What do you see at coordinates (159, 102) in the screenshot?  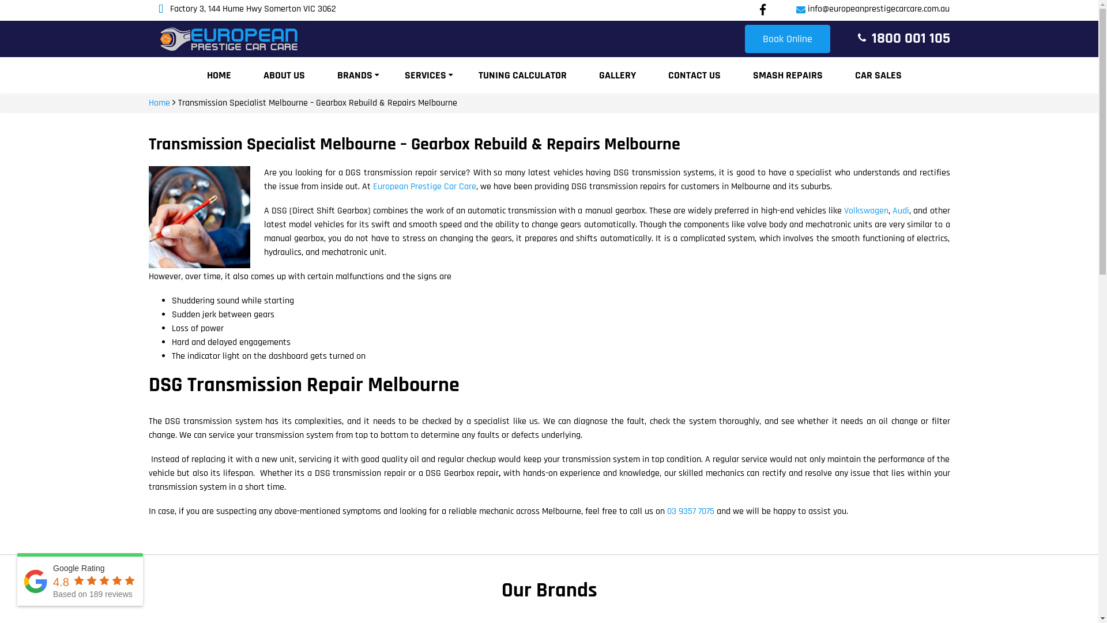 I see `'Home'` at bounding box center [159, 102].